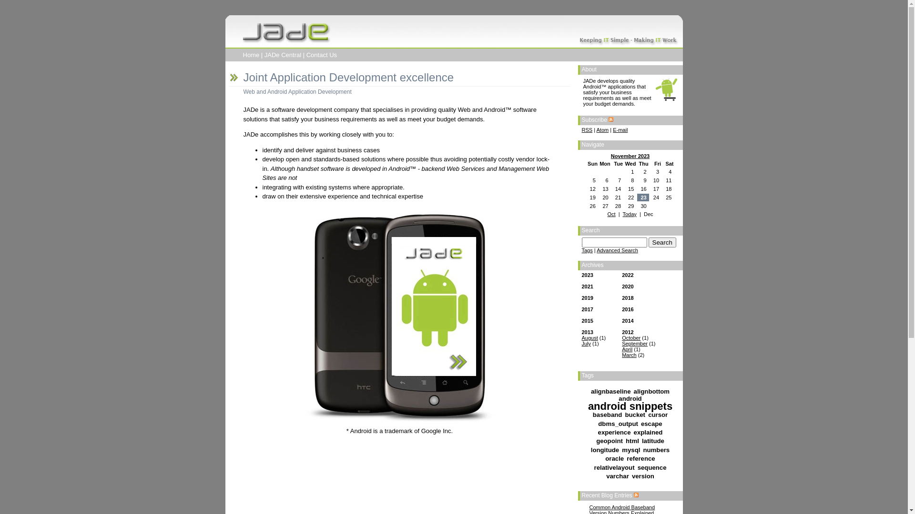  What do you see at coordinates (648, 432) in the screenshot?
I see `'explained'` at bounding box center [648, 432].